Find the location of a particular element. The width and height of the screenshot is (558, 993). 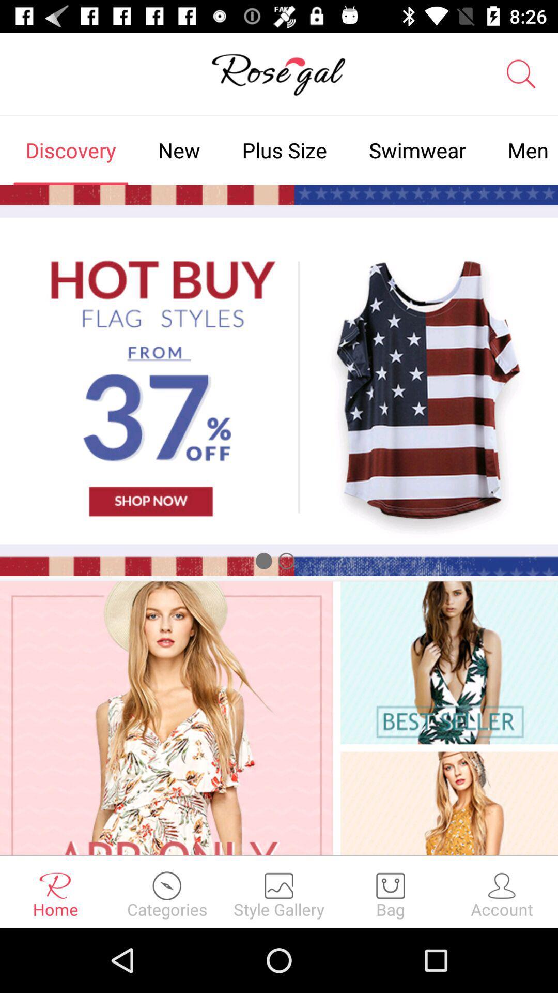

categories with the icon is located at coordinates (167, 891).